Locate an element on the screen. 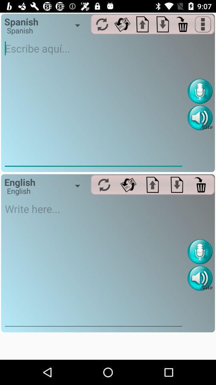  record is located at coordinates (200, 251).